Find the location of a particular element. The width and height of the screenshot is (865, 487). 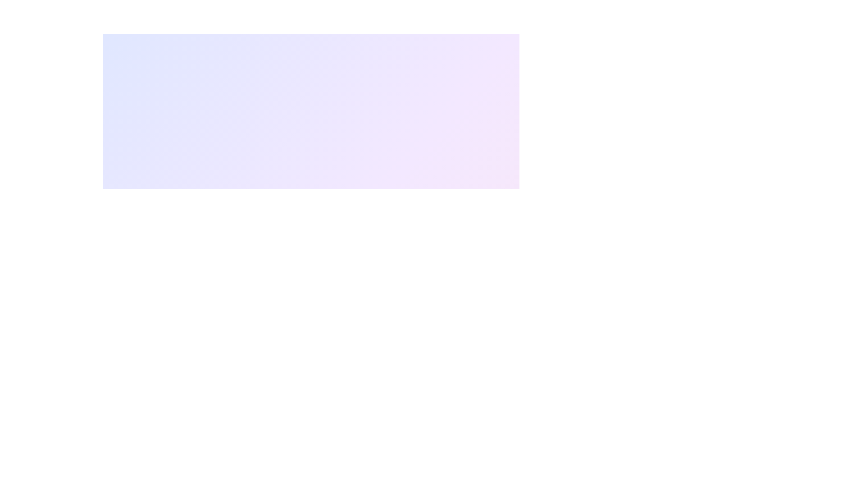

the circular SVG element defined by a bold outline, centered within an area containing other shapes is located at coordinates (311, 243).